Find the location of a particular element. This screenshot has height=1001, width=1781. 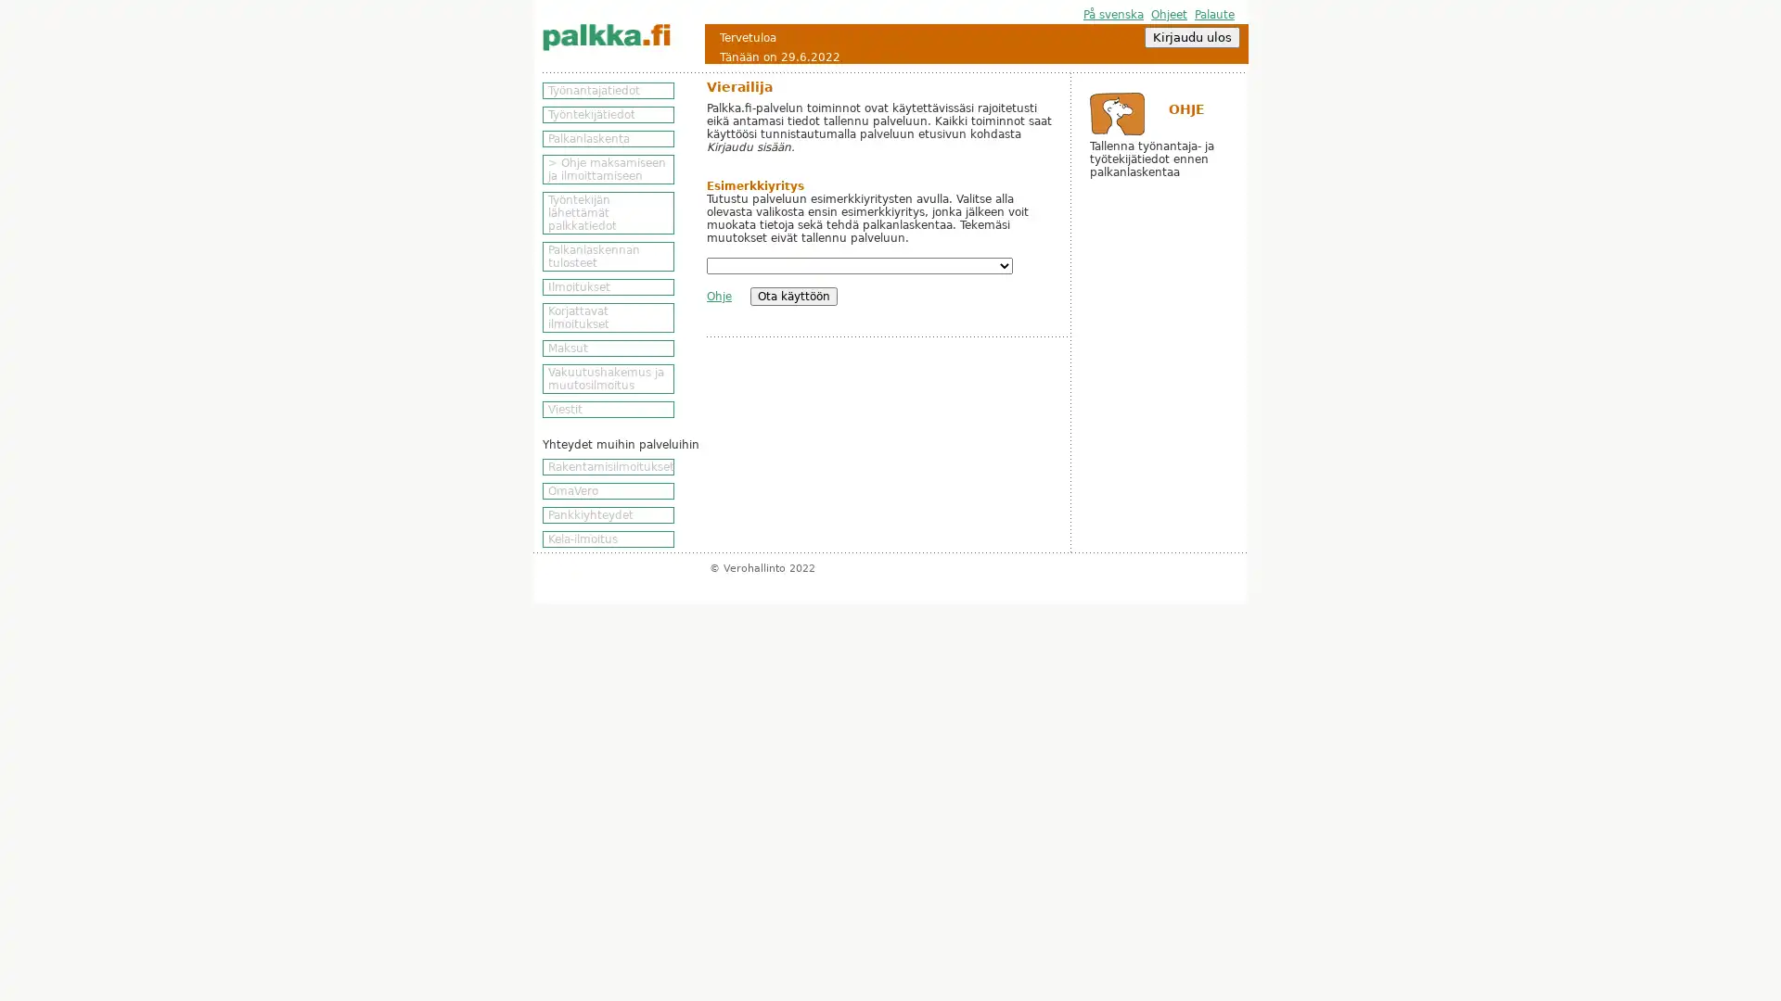

Kirjaudu ulos is located at coordinates (1192, 37).